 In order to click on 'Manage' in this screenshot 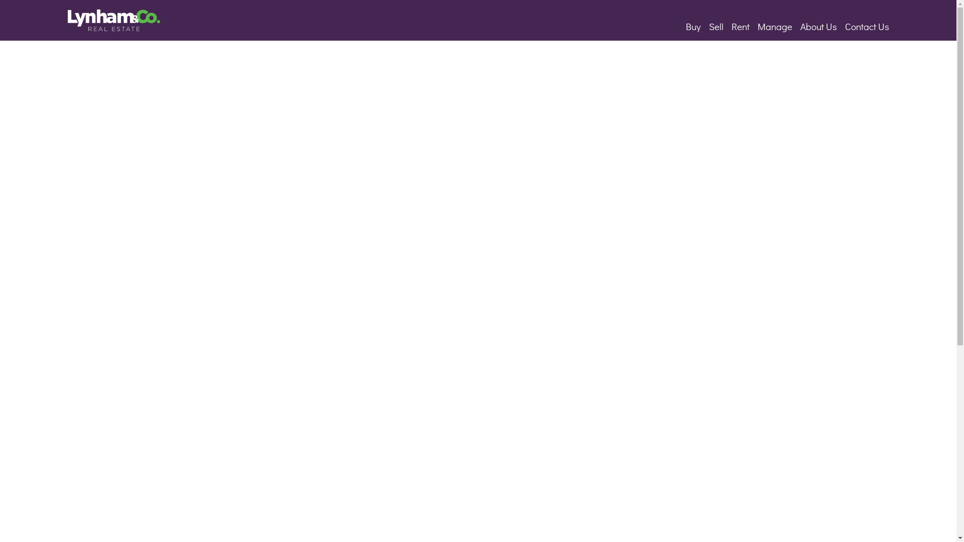, I will do `click(754, 26)`.